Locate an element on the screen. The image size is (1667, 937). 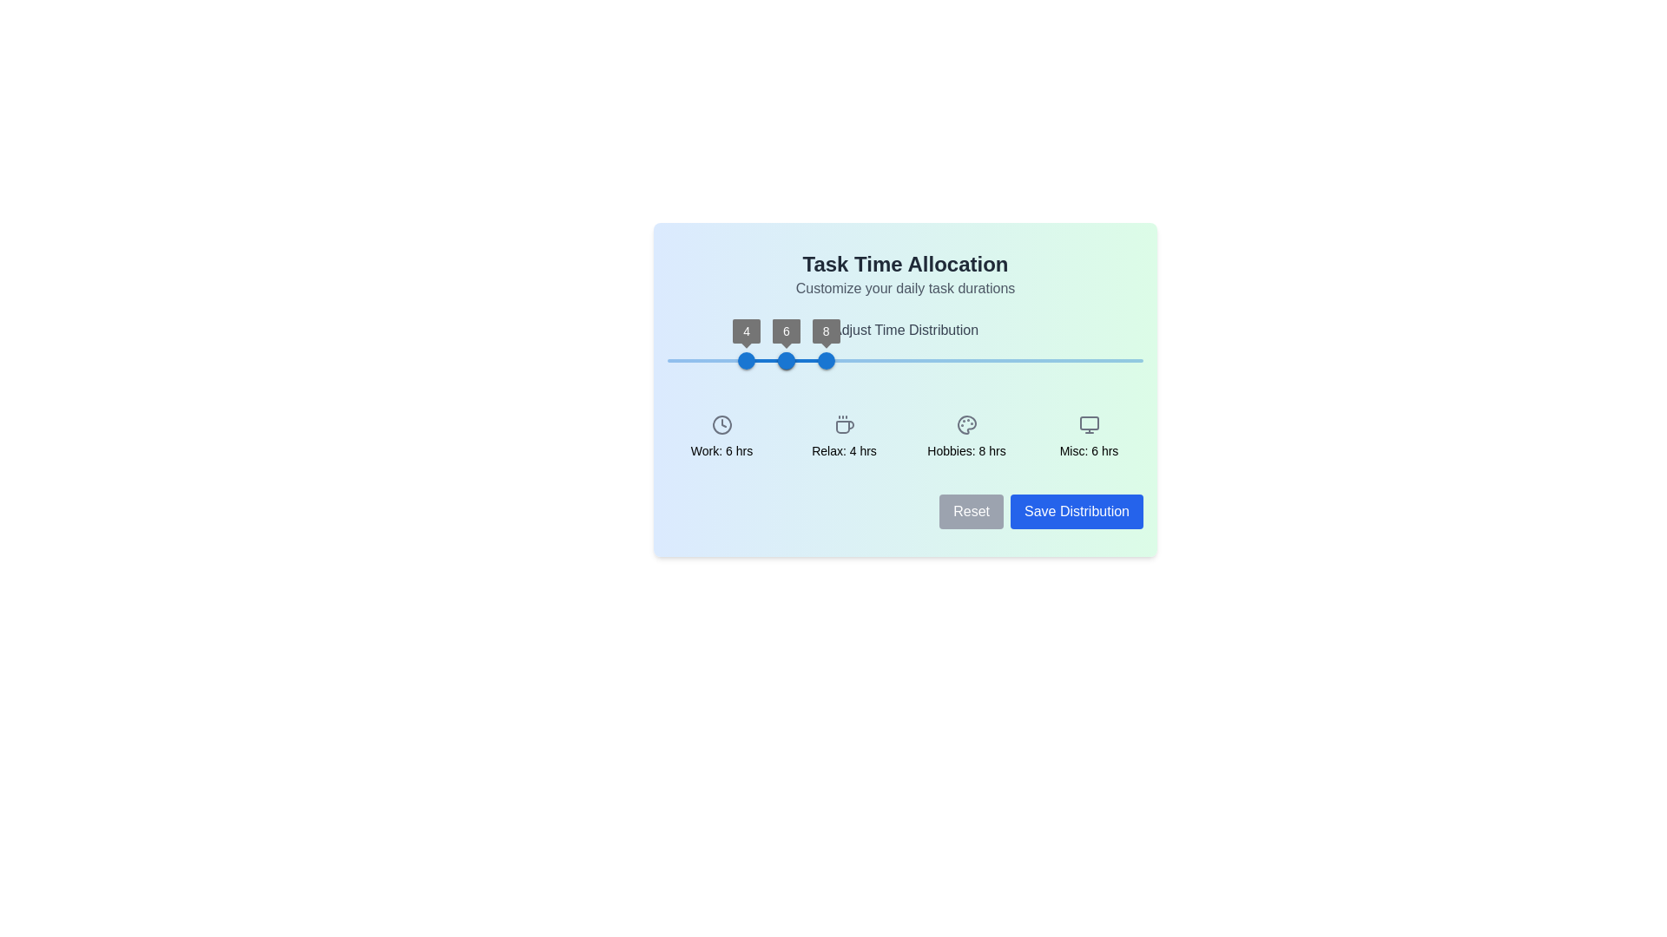
the slider is located at coordinates (953, 347).